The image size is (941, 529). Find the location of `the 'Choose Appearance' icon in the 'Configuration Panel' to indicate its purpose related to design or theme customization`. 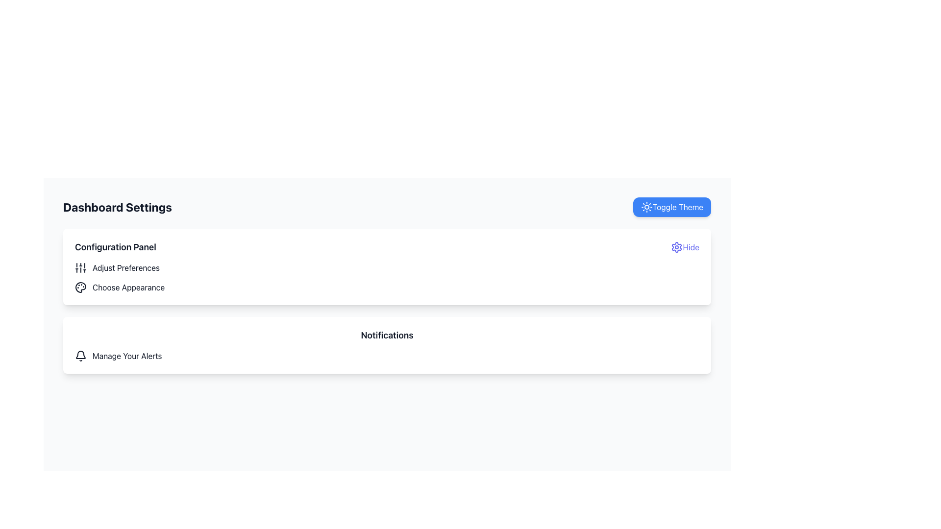

the 'Choose Appearance' icon in the 'Configuration Panel' to indicate its purpose related to design or theme customization is located at coordinates (80, 287).